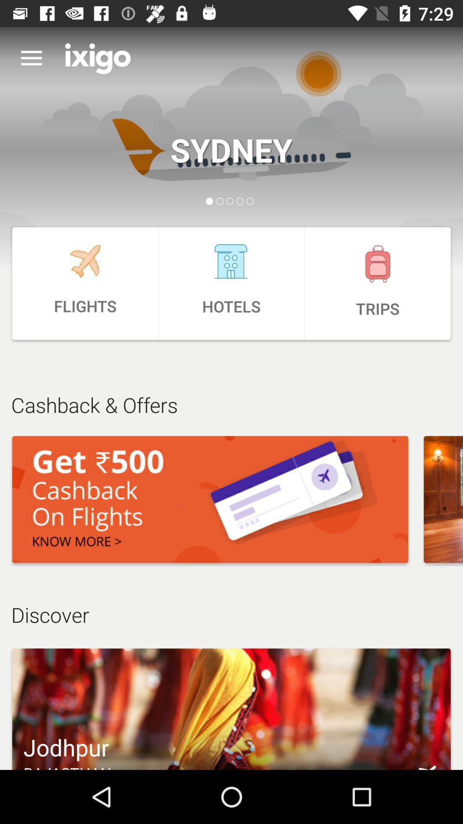 The height and width of the screenshot is (824, 463). Describe the element at coordinates (85, 283) in the screenshot. I see `the icon above cashback & offers` at that location.